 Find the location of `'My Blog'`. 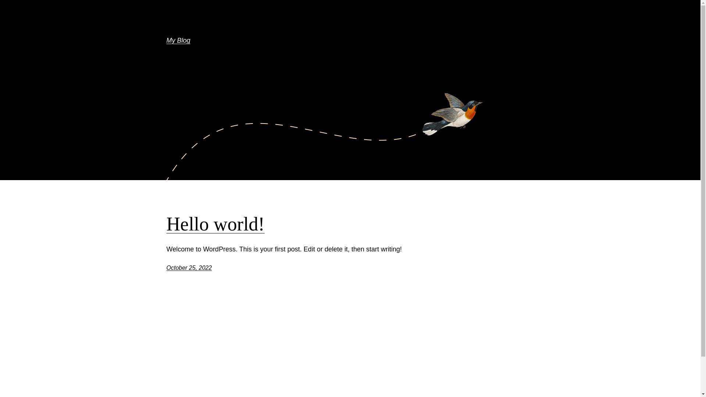

'My Blog' is located at coordinates (165, 40).